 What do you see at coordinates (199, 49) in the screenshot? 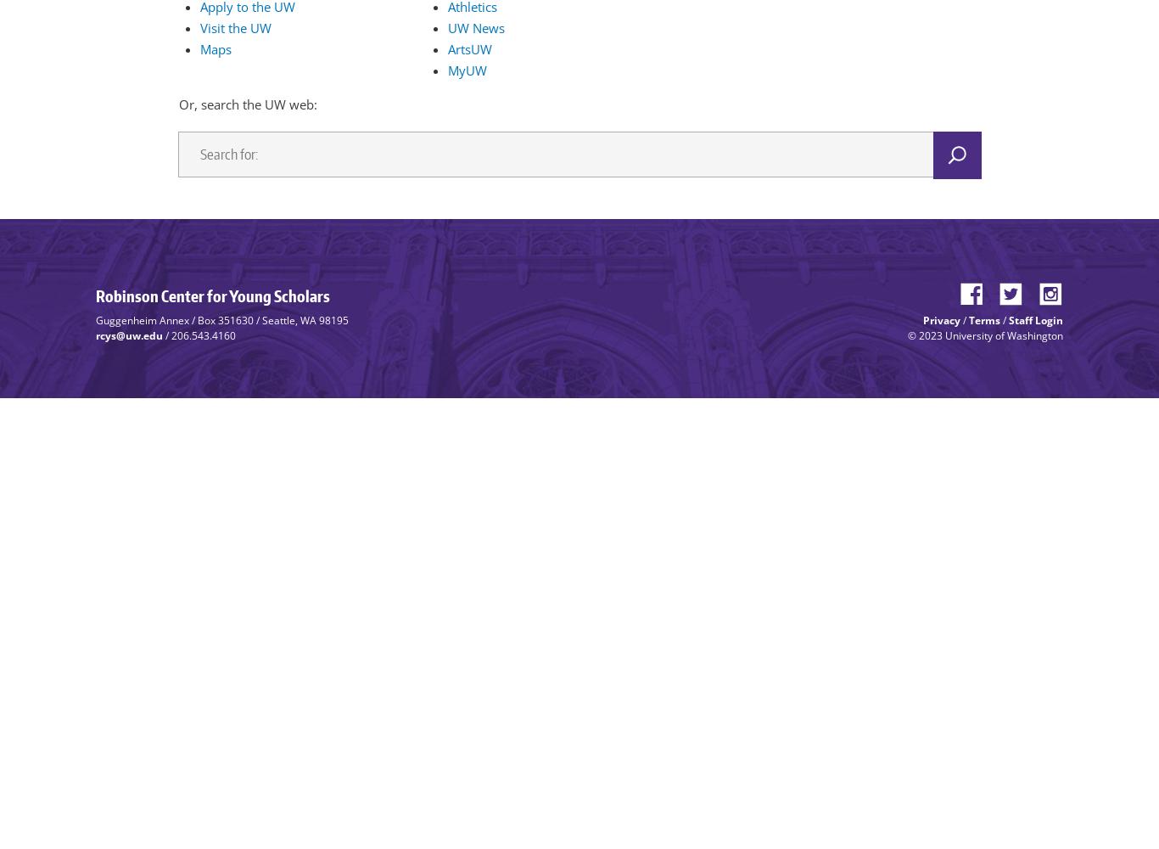
I see `'Maps'` at bounding box center [199, 49].